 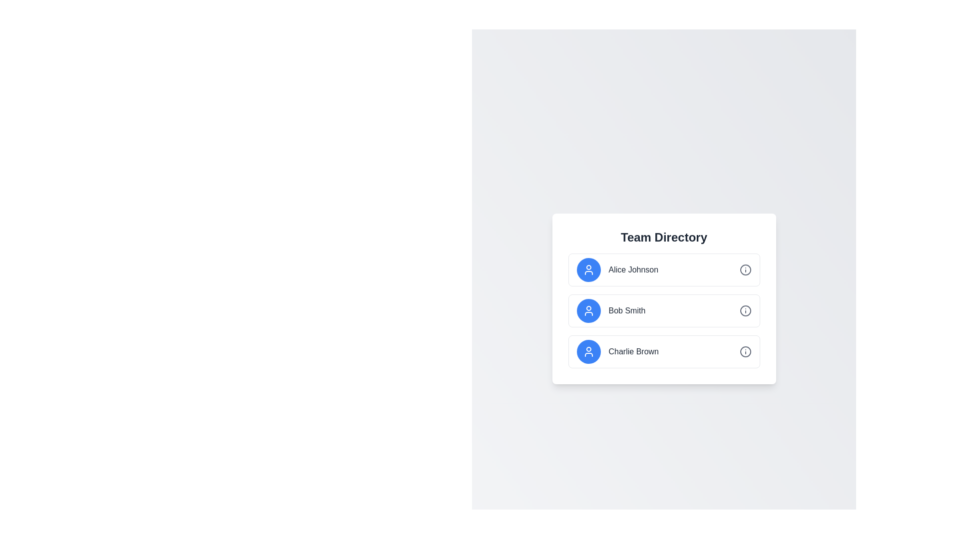 I want to click on the informative SVG-based icon located to the far right of the 'Bob Smith' text, so click(x=745, y=310).